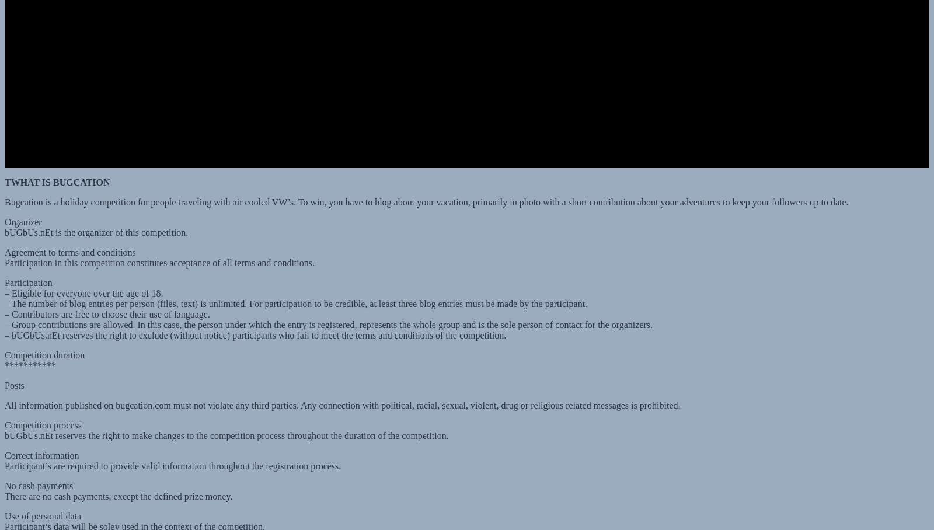 This screenshot has width=934, height=530. What do you see at coordinates (4, 240) in the screenshot?
I see `'Agreement to terms and conditions'` at bounding box center [4, 240].